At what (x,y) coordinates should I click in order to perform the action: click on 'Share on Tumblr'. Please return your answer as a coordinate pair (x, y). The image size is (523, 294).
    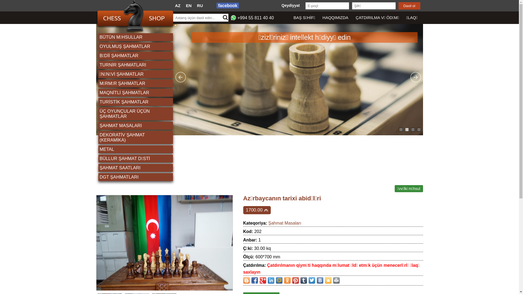
    Looking at the image, I should click on (303, 280).